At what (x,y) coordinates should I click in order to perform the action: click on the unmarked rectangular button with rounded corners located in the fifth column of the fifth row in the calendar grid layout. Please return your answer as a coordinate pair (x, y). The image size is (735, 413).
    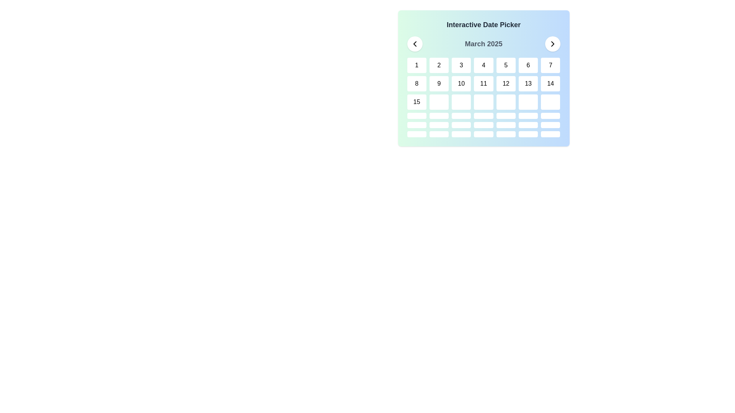
    Looking at the image, I should click on (506, 134).